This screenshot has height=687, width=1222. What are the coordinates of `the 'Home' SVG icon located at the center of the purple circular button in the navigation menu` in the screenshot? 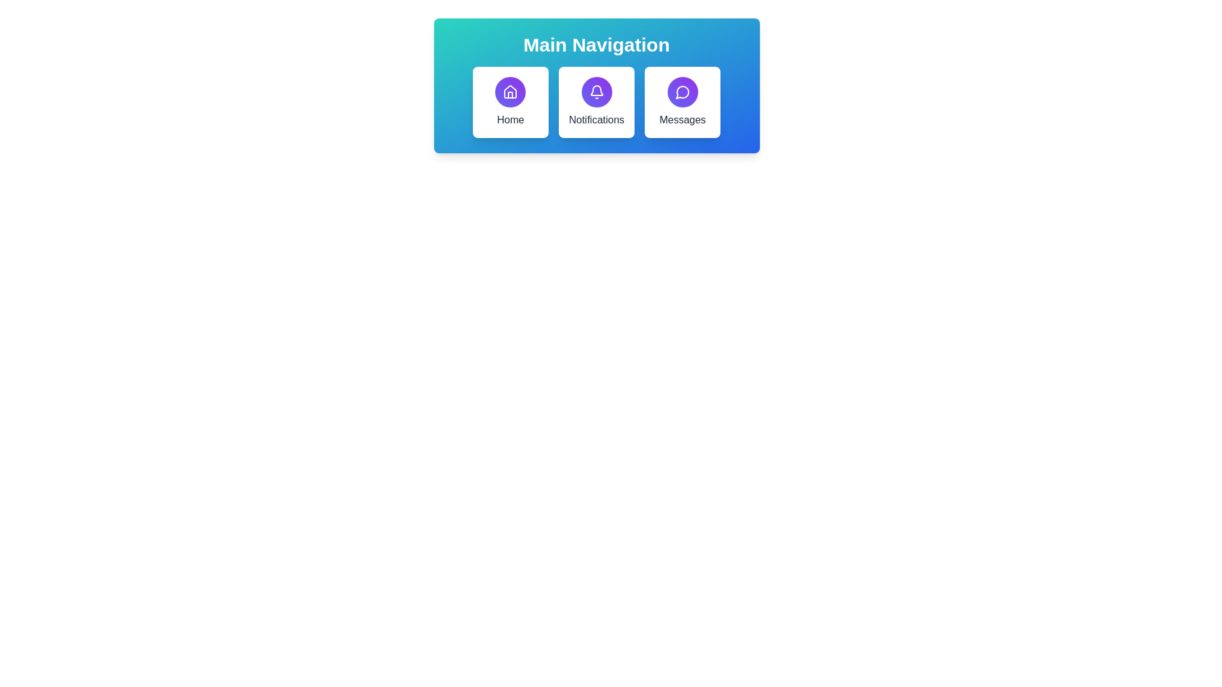 It's located at (510, 91).